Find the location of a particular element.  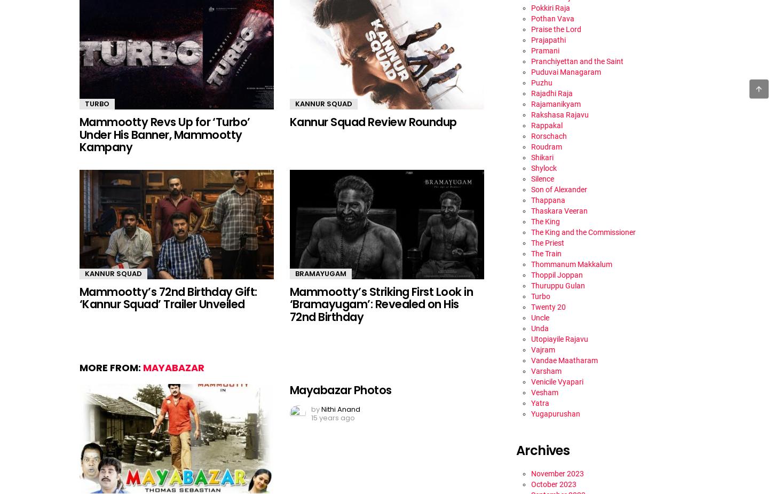

'Varsham' is located at coordinates (531, 371).